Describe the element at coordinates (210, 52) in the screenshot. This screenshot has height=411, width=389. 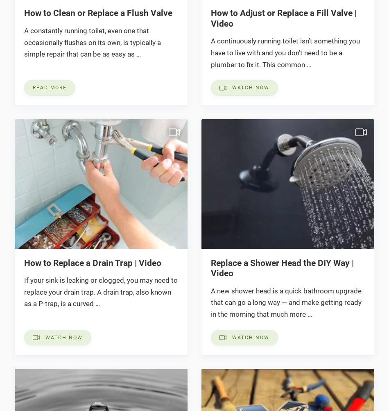
I see `'A continuously running toilet isn’t something you have to live with and you don’t need to be a plumber to fix it. This common …'` at that location.